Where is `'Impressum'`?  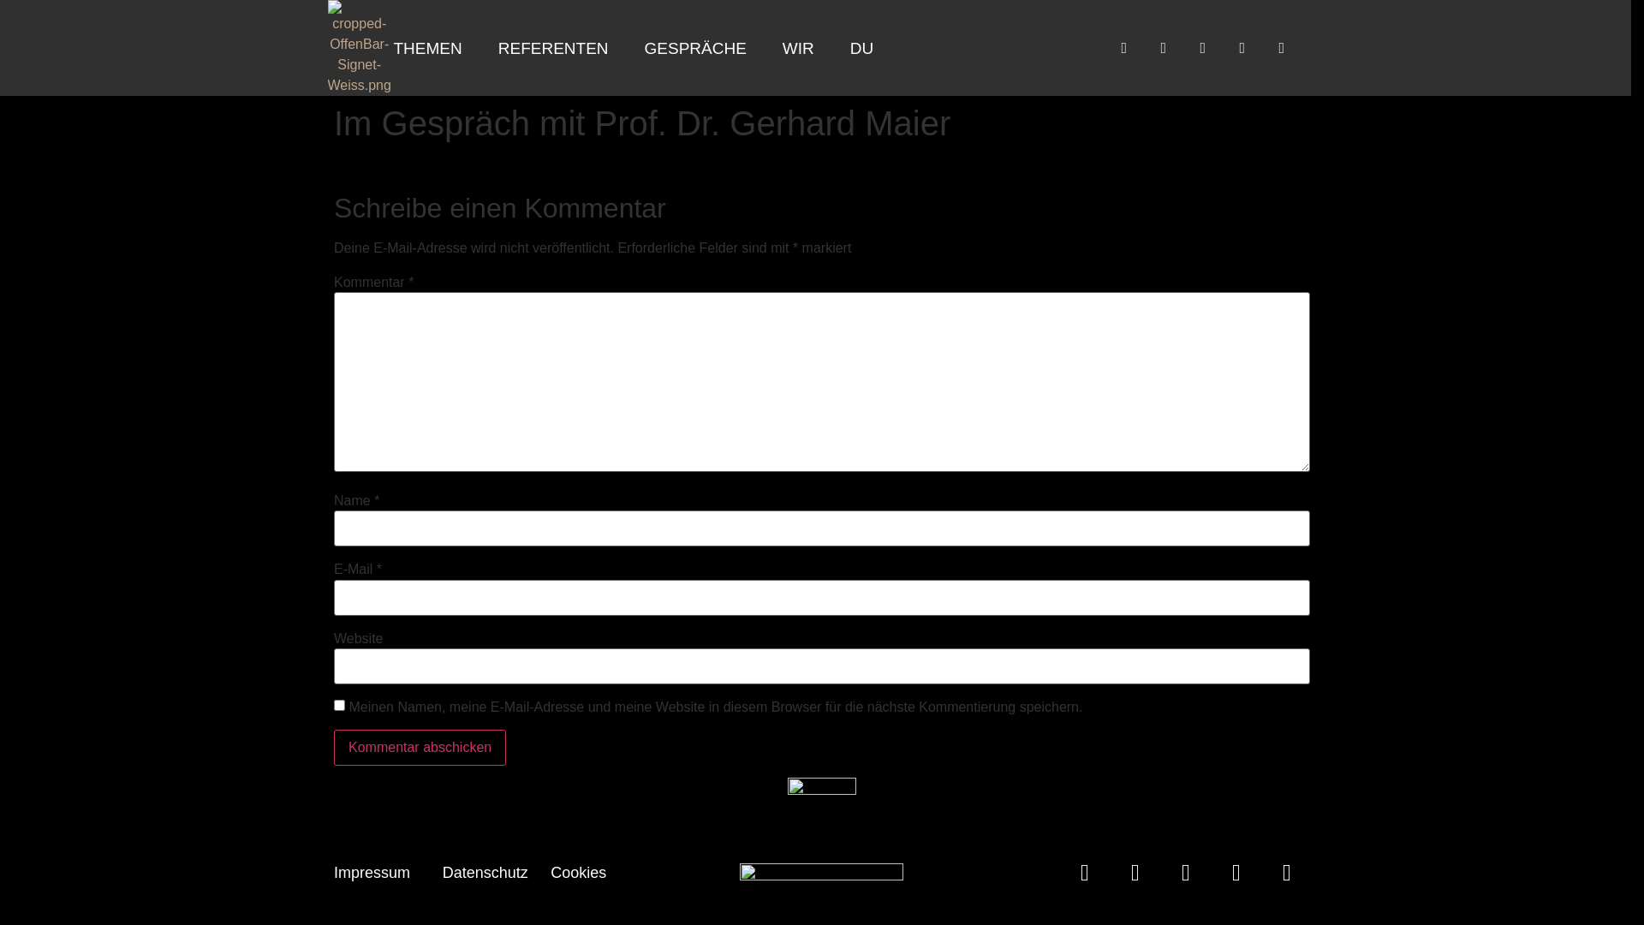
'Impressum' is located at coordinates (371, 872).